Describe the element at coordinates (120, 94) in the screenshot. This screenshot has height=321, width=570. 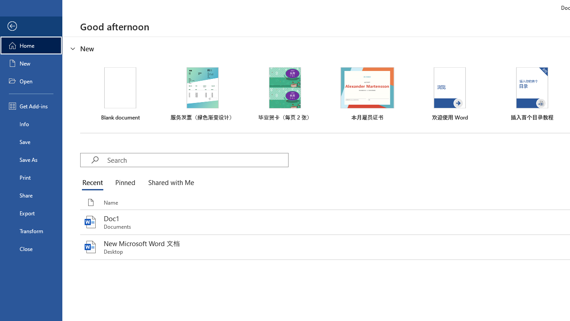
I see `'Blank document'` at that location.